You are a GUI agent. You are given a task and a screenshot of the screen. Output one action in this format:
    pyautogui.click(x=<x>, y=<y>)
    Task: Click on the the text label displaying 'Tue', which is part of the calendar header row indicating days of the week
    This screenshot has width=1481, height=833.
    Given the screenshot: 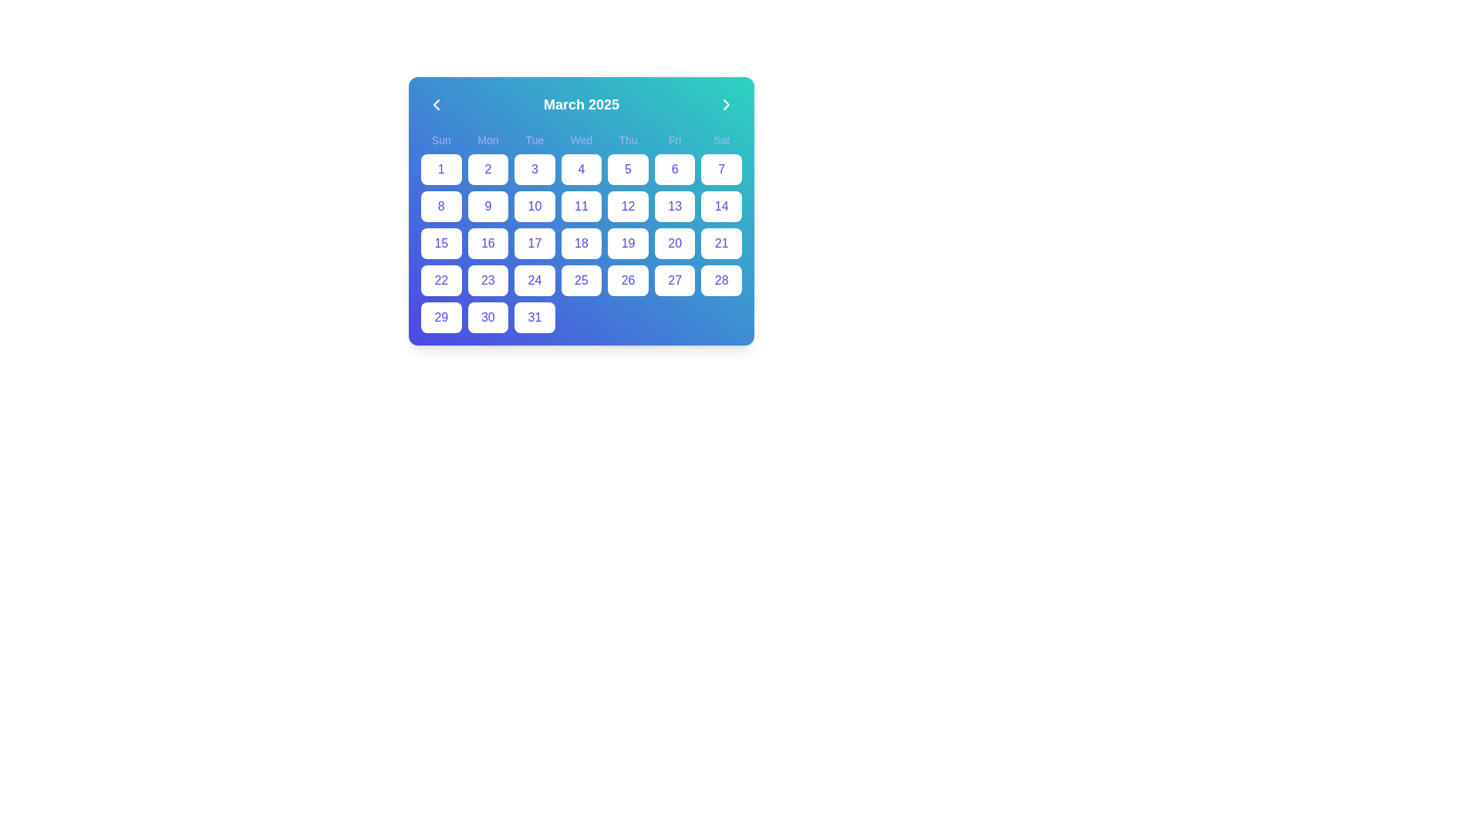 What is the action you would take?
    pyautogui.click(x=535, y=140)
    